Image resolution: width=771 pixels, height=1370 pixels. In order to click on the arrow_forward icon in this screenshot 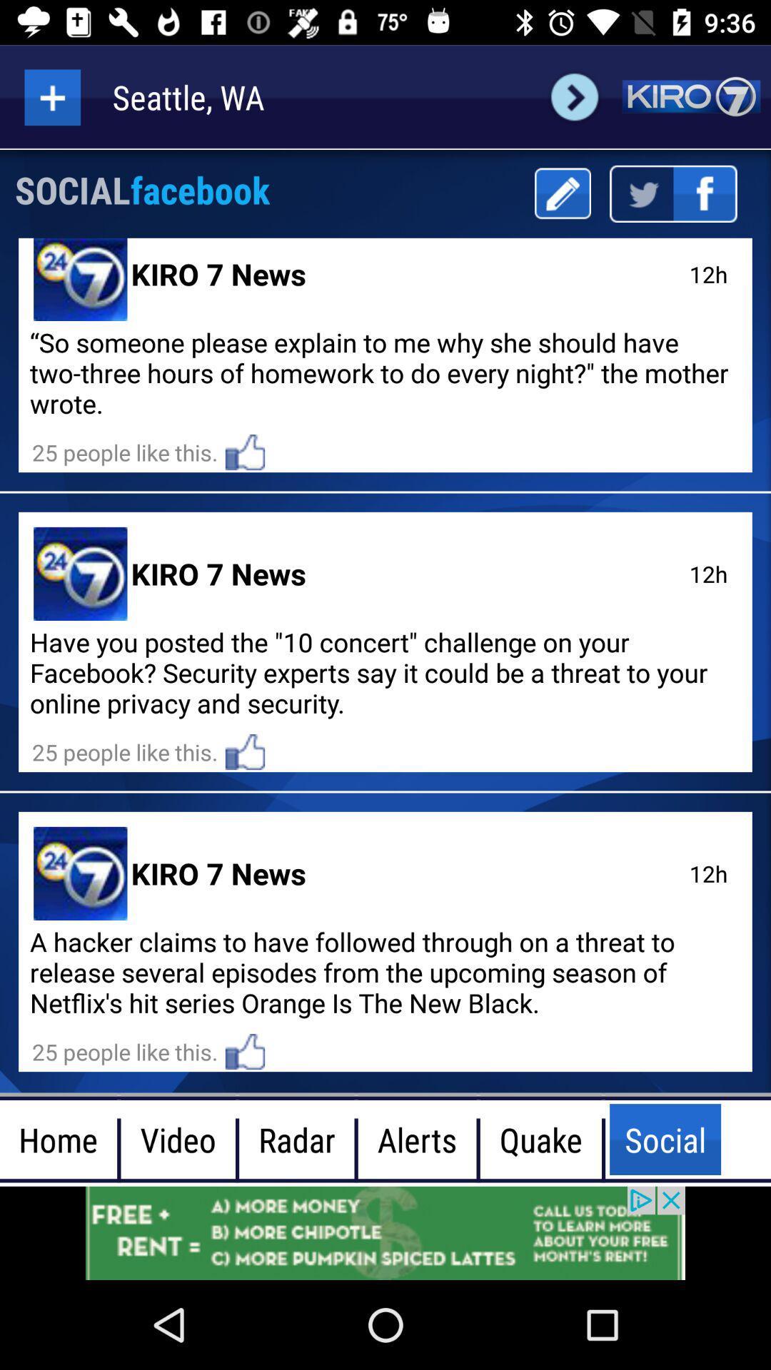, I will do `click(574, 96)`.